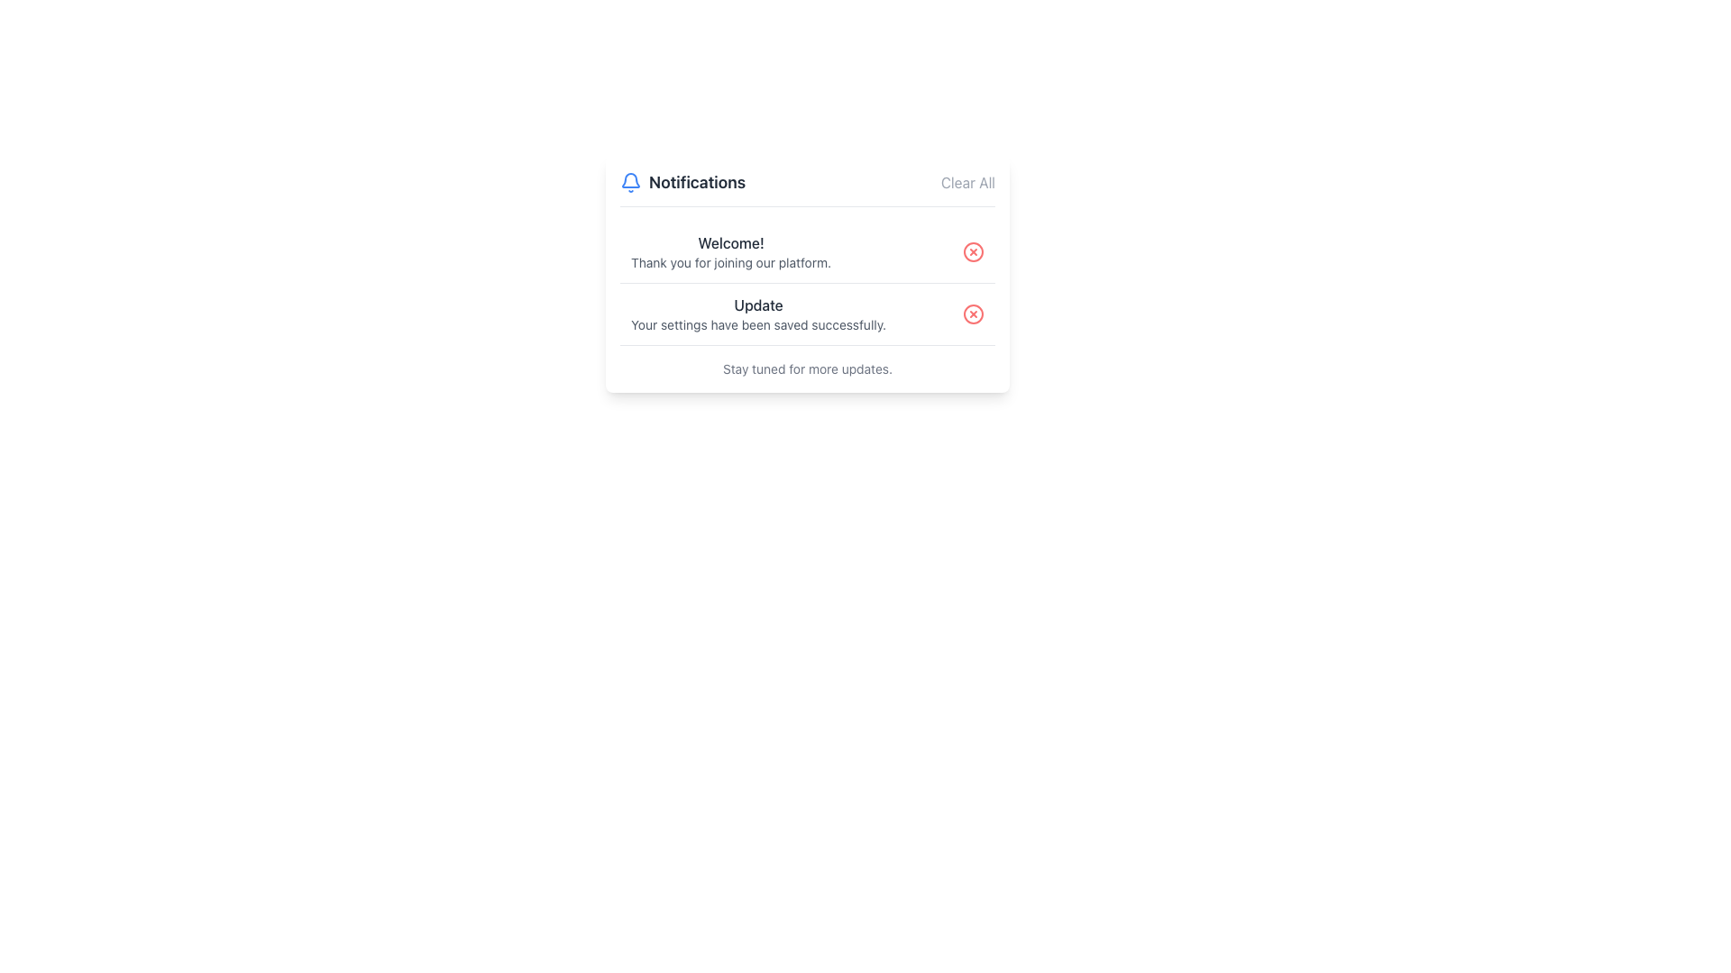  I want to click on the 'Update' label, which is a bold dark gray text element centered in the notifications card, so click(758, 305).